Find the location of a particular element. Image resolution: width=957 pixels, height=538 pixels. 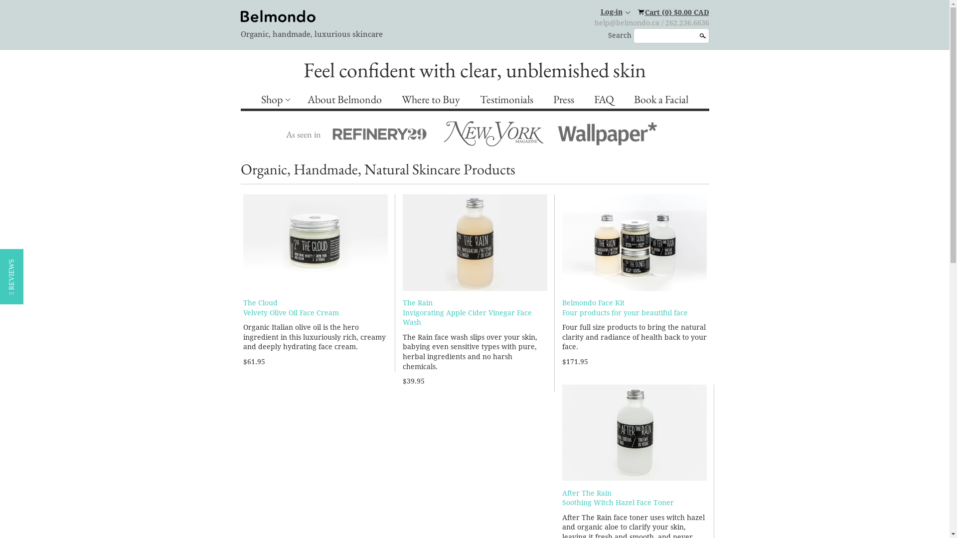

'Soothing Witch Hazel Face Toner' is located at coordinates (617, 503).